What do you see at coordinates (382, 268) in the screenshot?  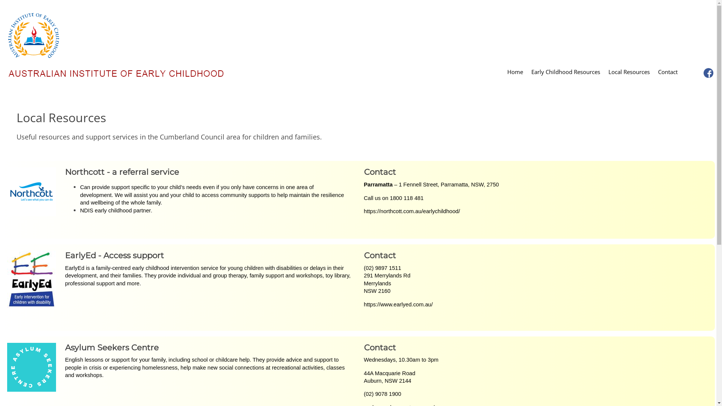 I see `'(02) 9897 1511'` at bounding box center [382, 268].